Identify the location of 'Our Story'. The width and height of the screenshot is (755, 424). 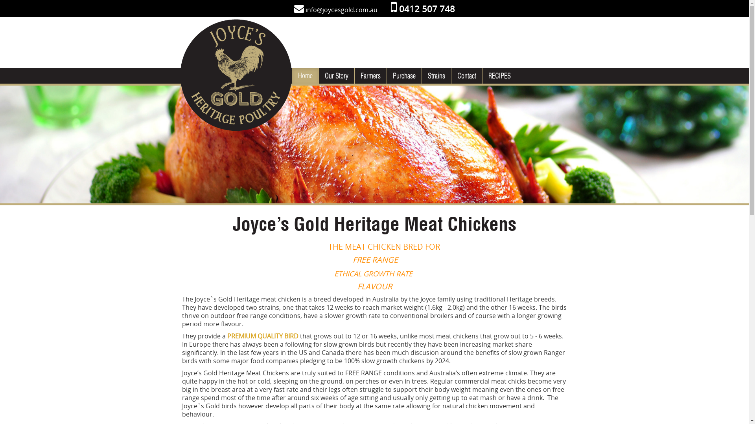
(336, 75).